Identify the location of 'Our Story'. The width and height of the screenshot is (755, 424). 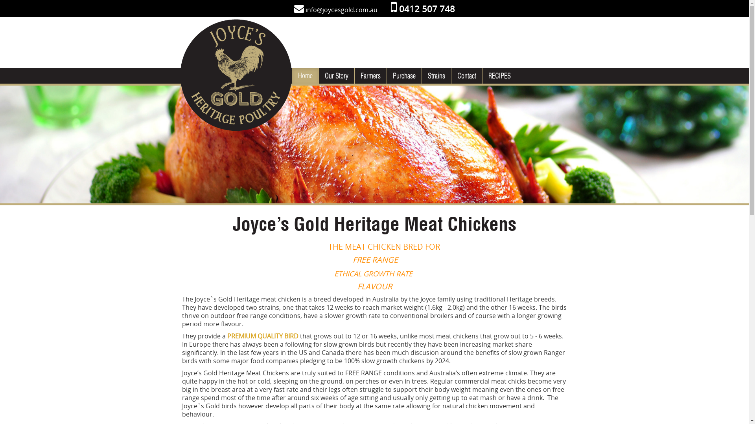
(336, 75).